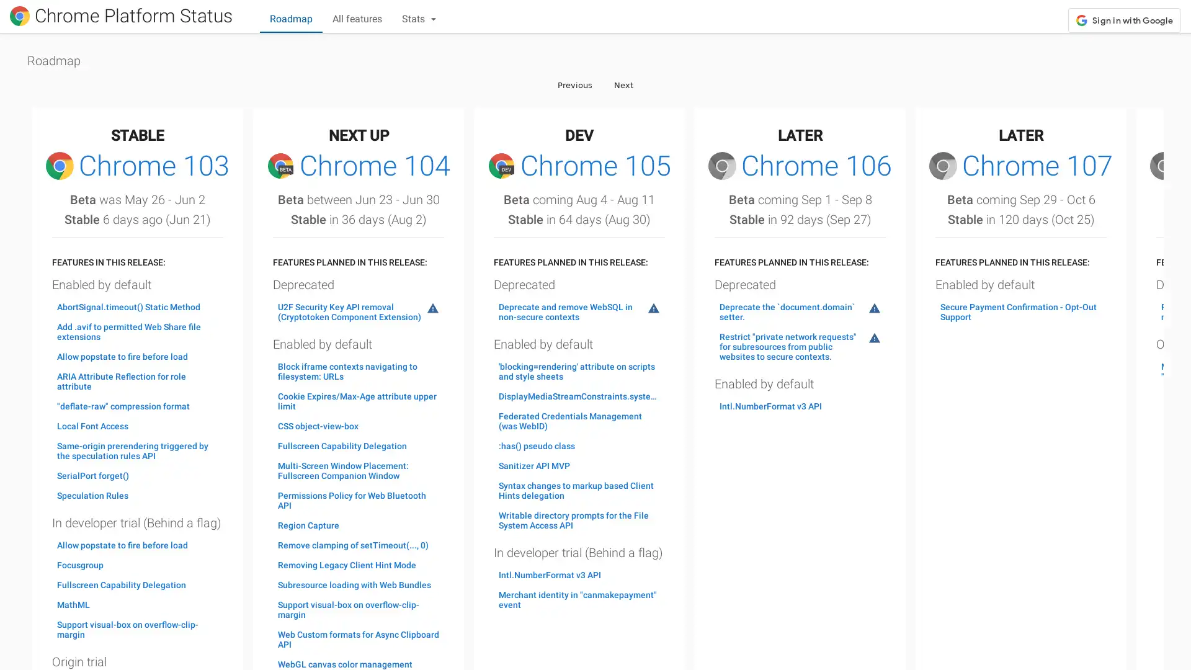 Image resolution: width=1191 pixels, height=670 pixels. Describe the element at coordinates (574, 84) in the screenshot. I see `Button to move to previous release` at that location.